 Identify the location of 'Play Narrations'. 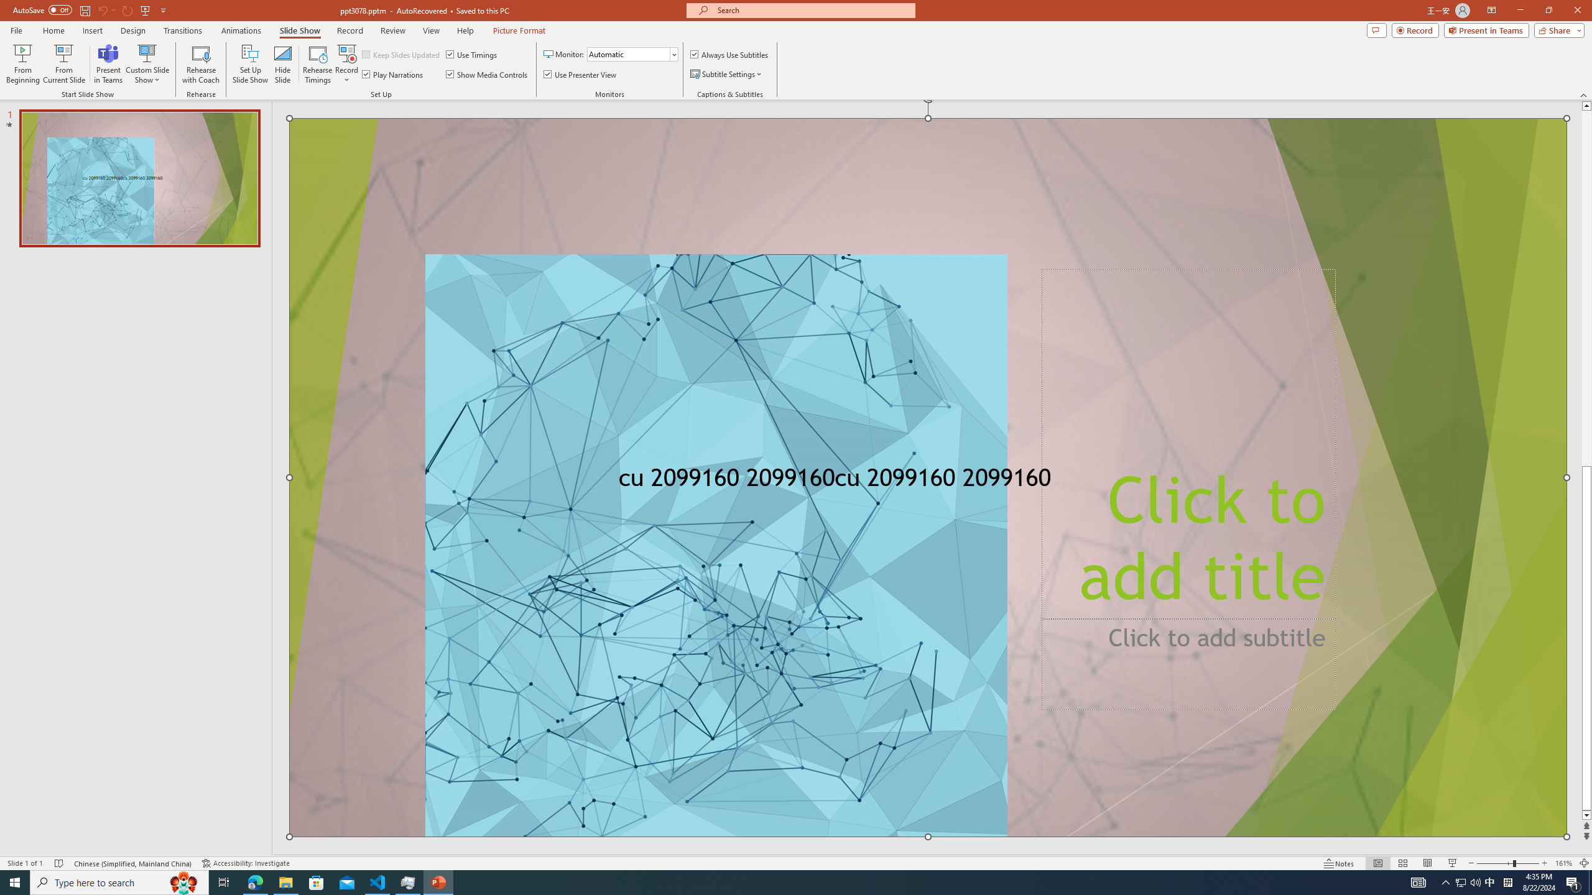
(392, 73).